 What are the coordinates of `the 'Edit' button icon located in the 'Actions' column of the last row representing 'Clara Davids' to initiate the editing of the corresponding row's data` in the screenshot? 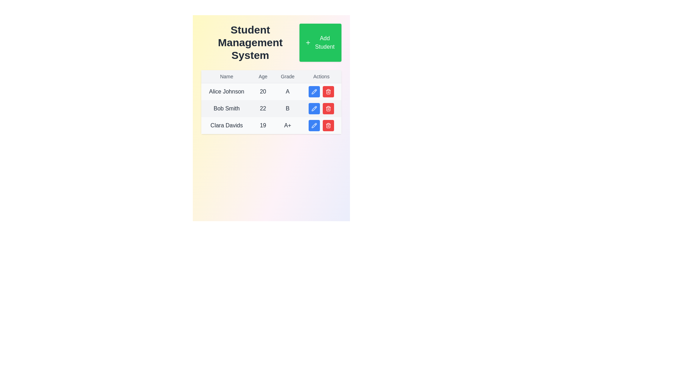 It's located at (314, 125).